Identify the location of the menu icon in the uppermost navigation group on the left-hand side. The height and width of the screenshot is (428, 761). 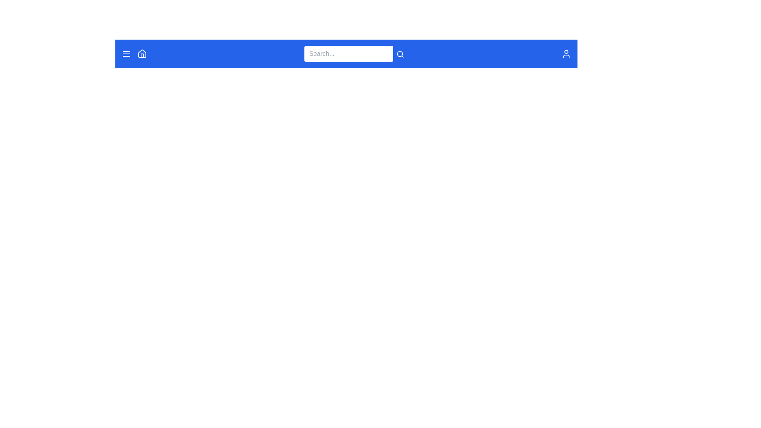
(134, 53).